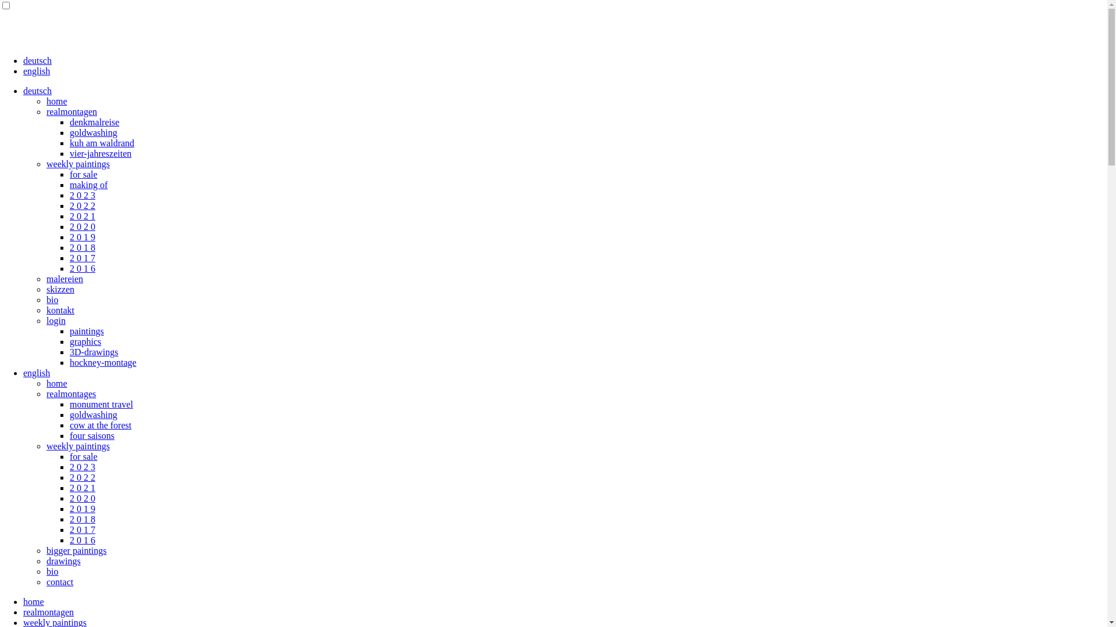  What do you see at coordinates (56, 100) in the screenshot?
I see `'home'` at bounding box center [56, 100].